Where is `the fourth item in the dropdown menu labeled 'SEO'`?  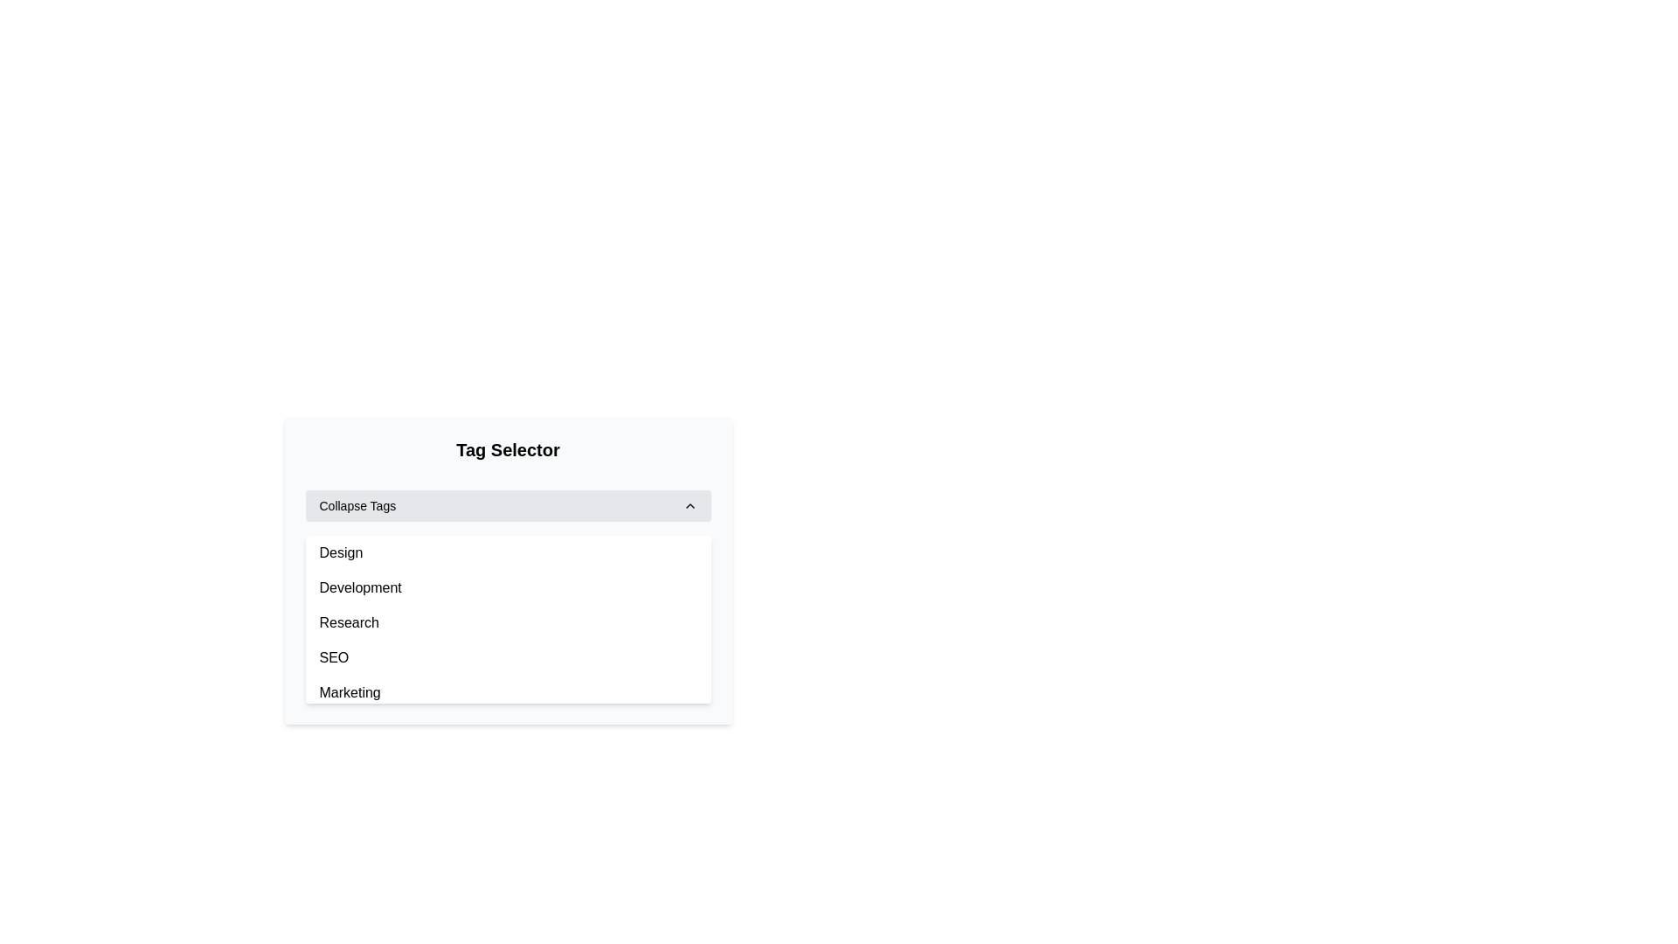 the fourth item in the dropdown menu labeled 'SEO' is located at coordinates (507, 657).